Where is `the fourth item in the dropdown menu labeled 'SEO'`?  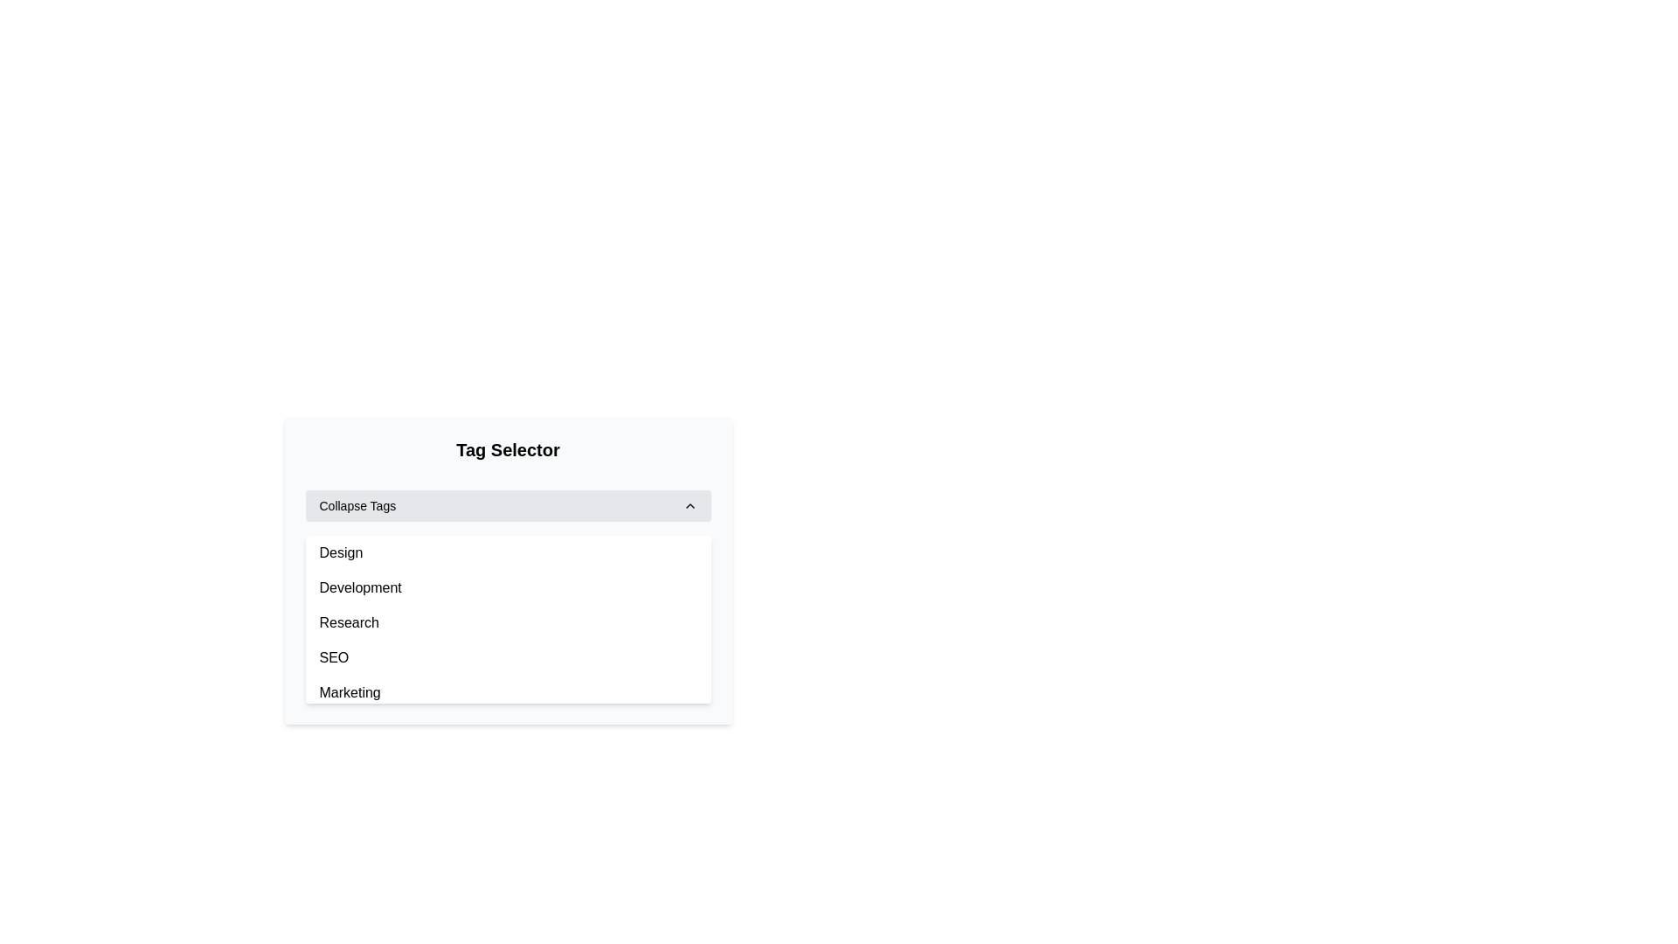 the fourth item in the dropdown menu labeled 'SEO' is located at coordinates (507, 657).